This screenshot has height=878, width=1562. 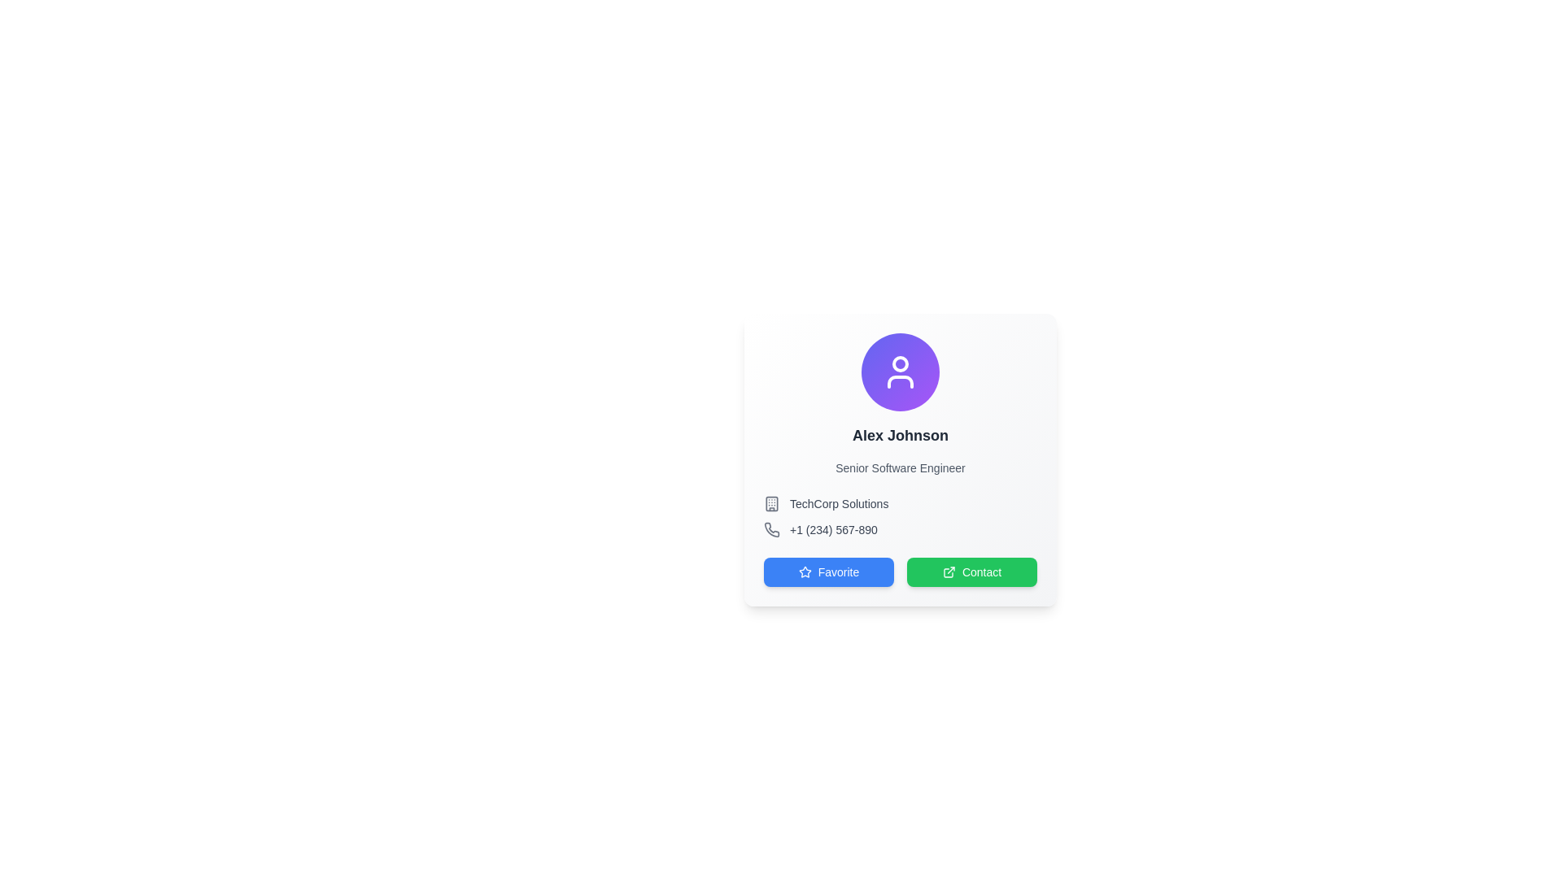 What do you see at coordinates (771, 529) in the screenshot?
I see `the gray minimalist outline phone icon located to the left of the phone number '+1 (234) 567-890' within the contact card layout` at bounding box center [771, 529].